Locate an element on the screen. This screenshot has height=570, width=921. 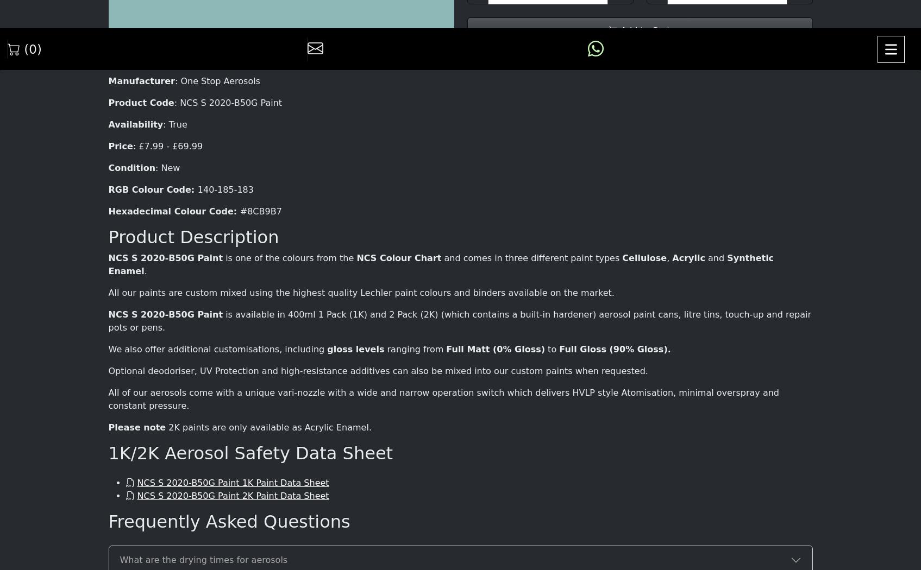
'. When choosing a primer, it is essential to select the proper primer for the surface material you plan to apply the topcoat.' is located at coordinates (454, 126).